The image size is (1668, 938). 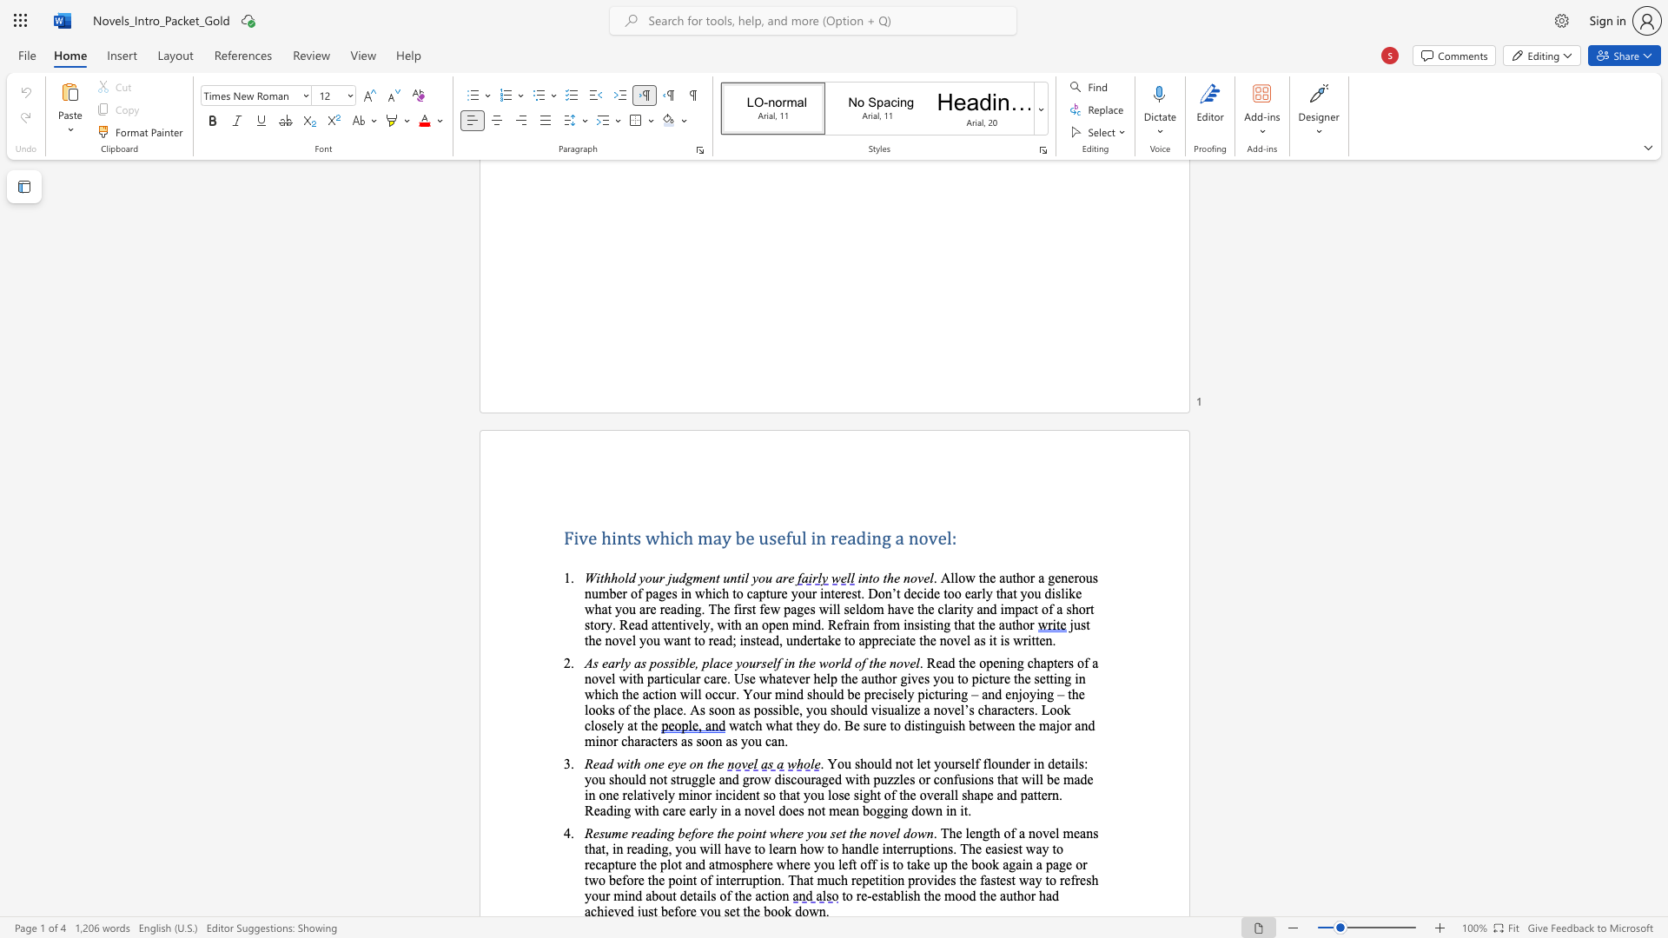 What do you see at coordinates (938, 640) in the screenshot?
I see `the subset text "novel as it is writte" within the text "just the novel you want to read; instead, undertake to appreciate the novel as it is written."` at bounding box center [938, 640].